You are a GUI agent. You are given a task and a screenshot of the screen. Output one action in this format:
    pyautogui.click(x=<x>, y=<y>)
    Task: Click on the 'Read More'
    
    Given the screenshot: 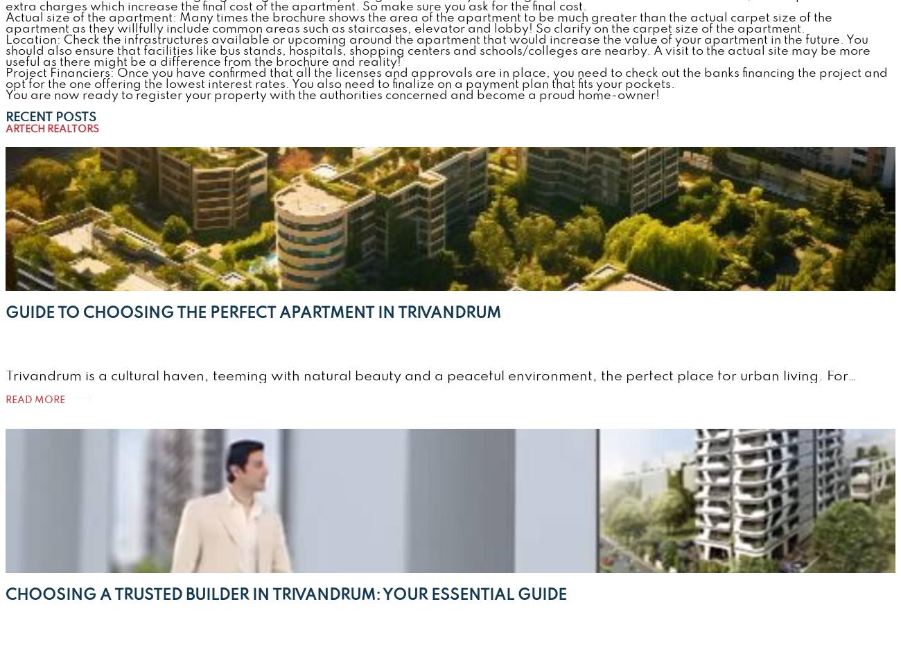 What is the action you would take?
    pyautogui.click(x=34, y=400)
    